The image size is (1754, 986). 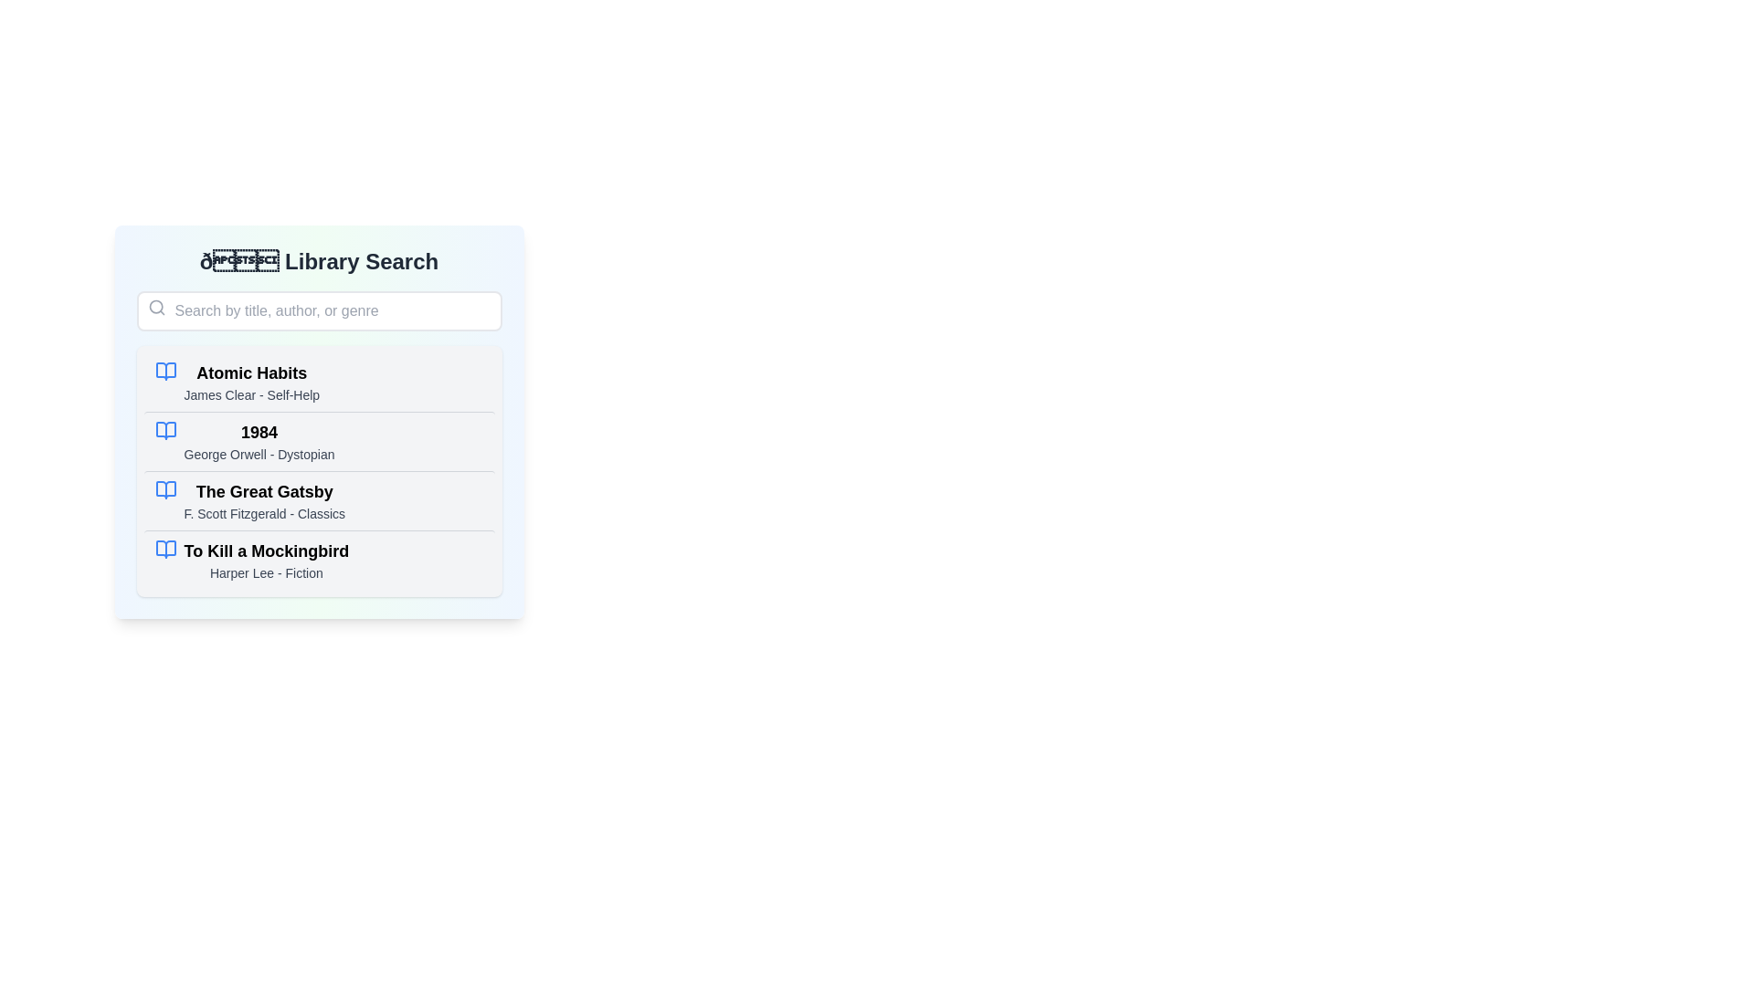 I want to click on the decorative SVG Circle that is part of the magnifying glass icon, located to the left of the 'Search by title, author, or genre' input box, so click(x=155, y=306).